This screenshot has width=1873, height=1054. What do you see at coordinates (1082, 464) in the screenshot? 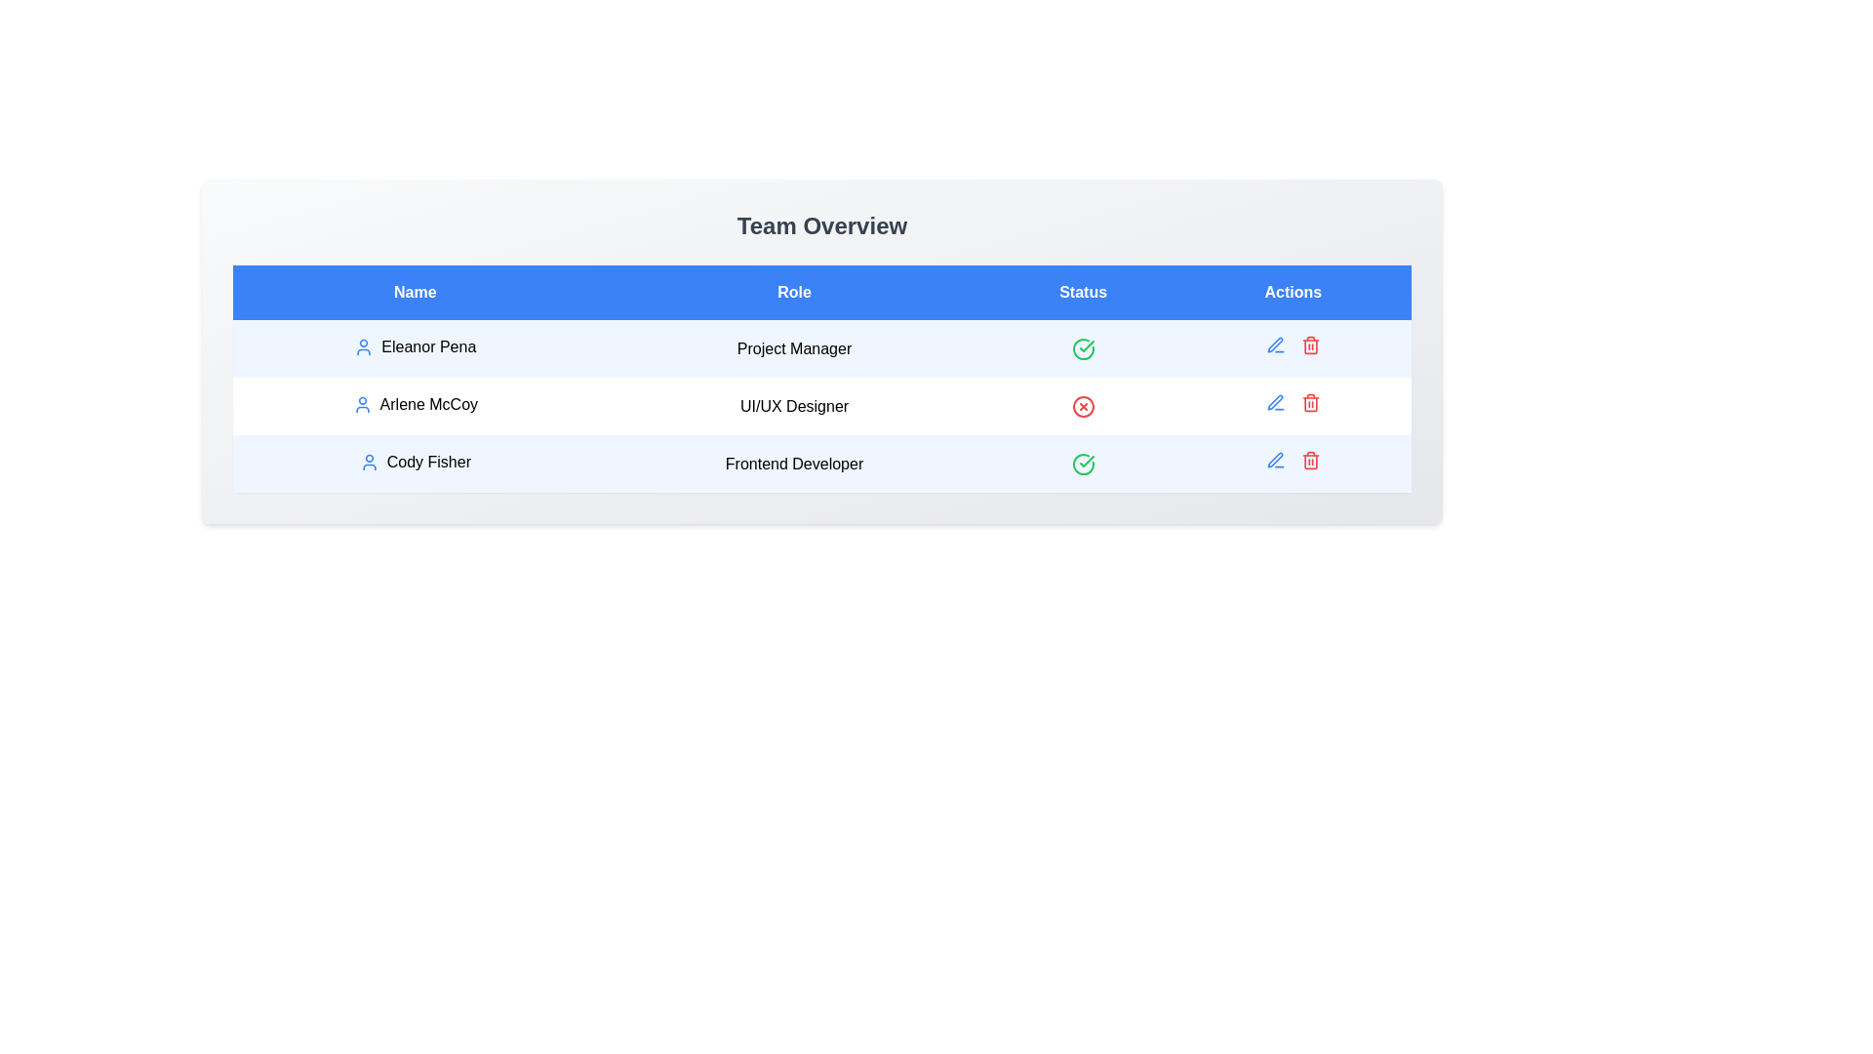
I see `the circular green icon with a checkmark inside, which is the third status indicator under the 'Status' column for the row labeled 'Cody Fisher - Frontend Developer'` at bounding box center [1082, 464].